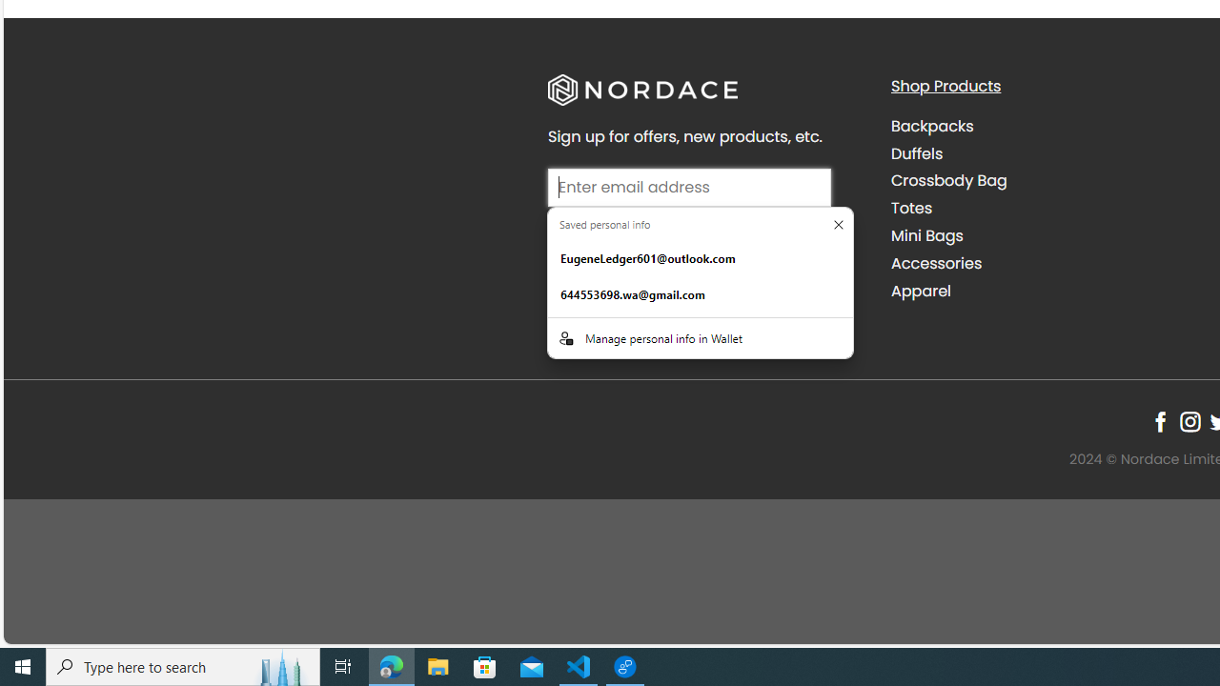 The image size is (1220, 686). What do you see at coordinates (1047, 152) in the screenshot?
I see `'Duffels'` at bounding box center [1047, 152].